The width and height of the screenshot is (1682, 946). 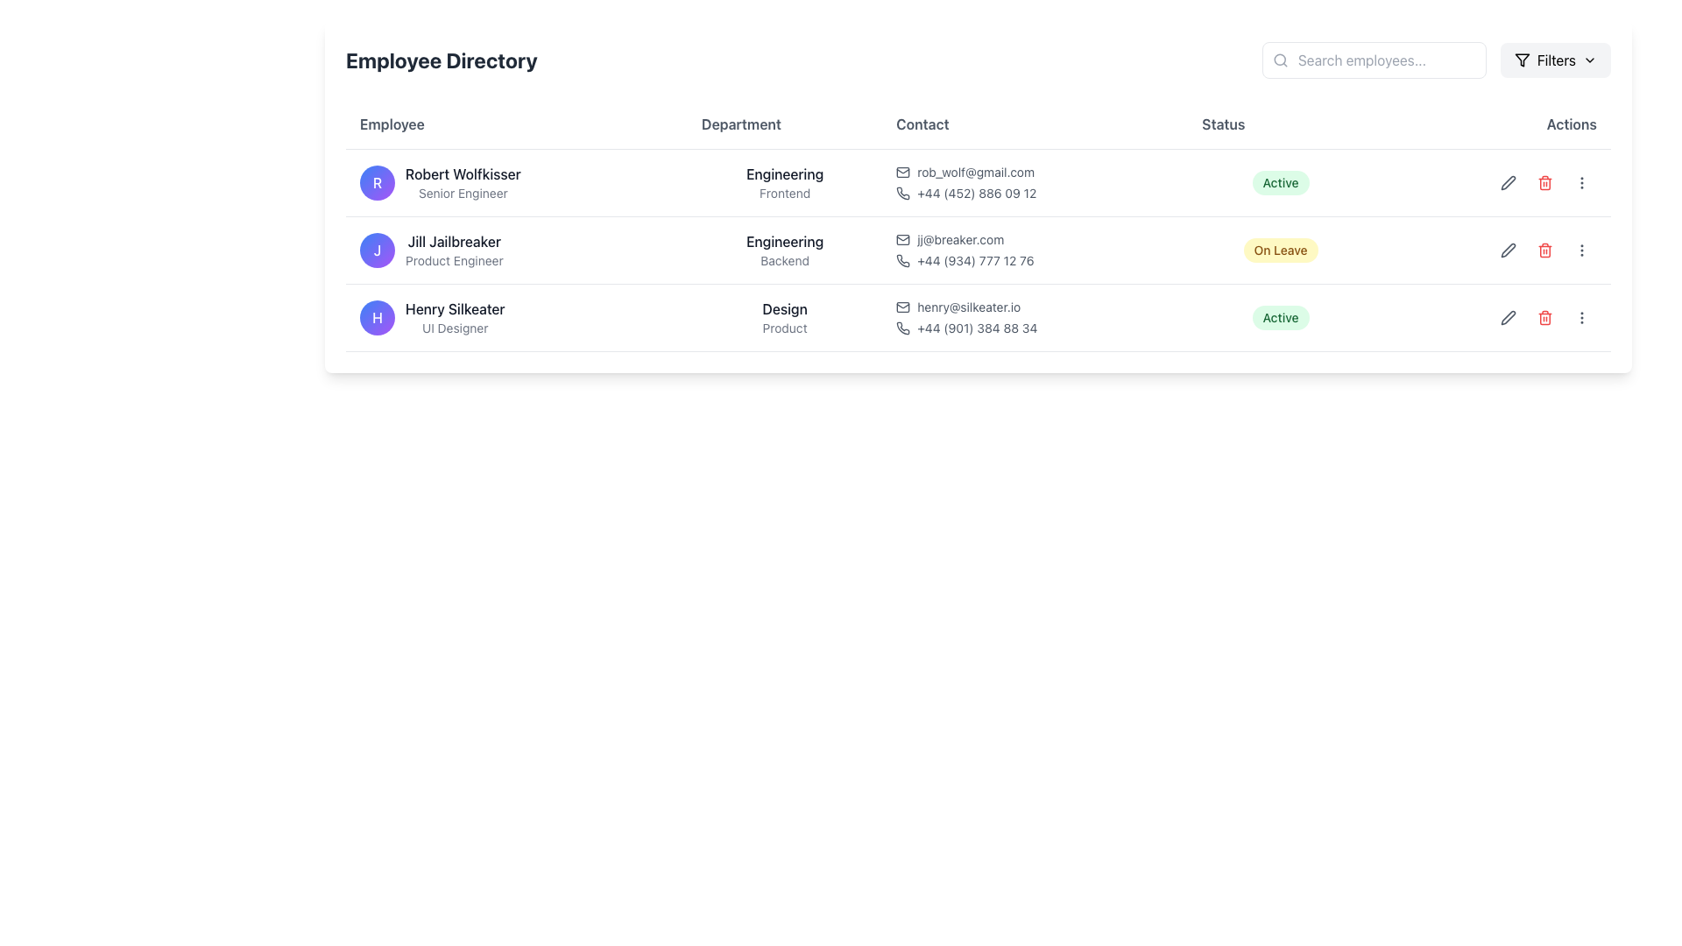 What do you see at coordinates (1280, 60) in the screenshot?
I see `the search icon located inside the search bar at the top-right corner of the content card, which visually indicates the purpose of the associated input field` at bounding box center [1280, 60].